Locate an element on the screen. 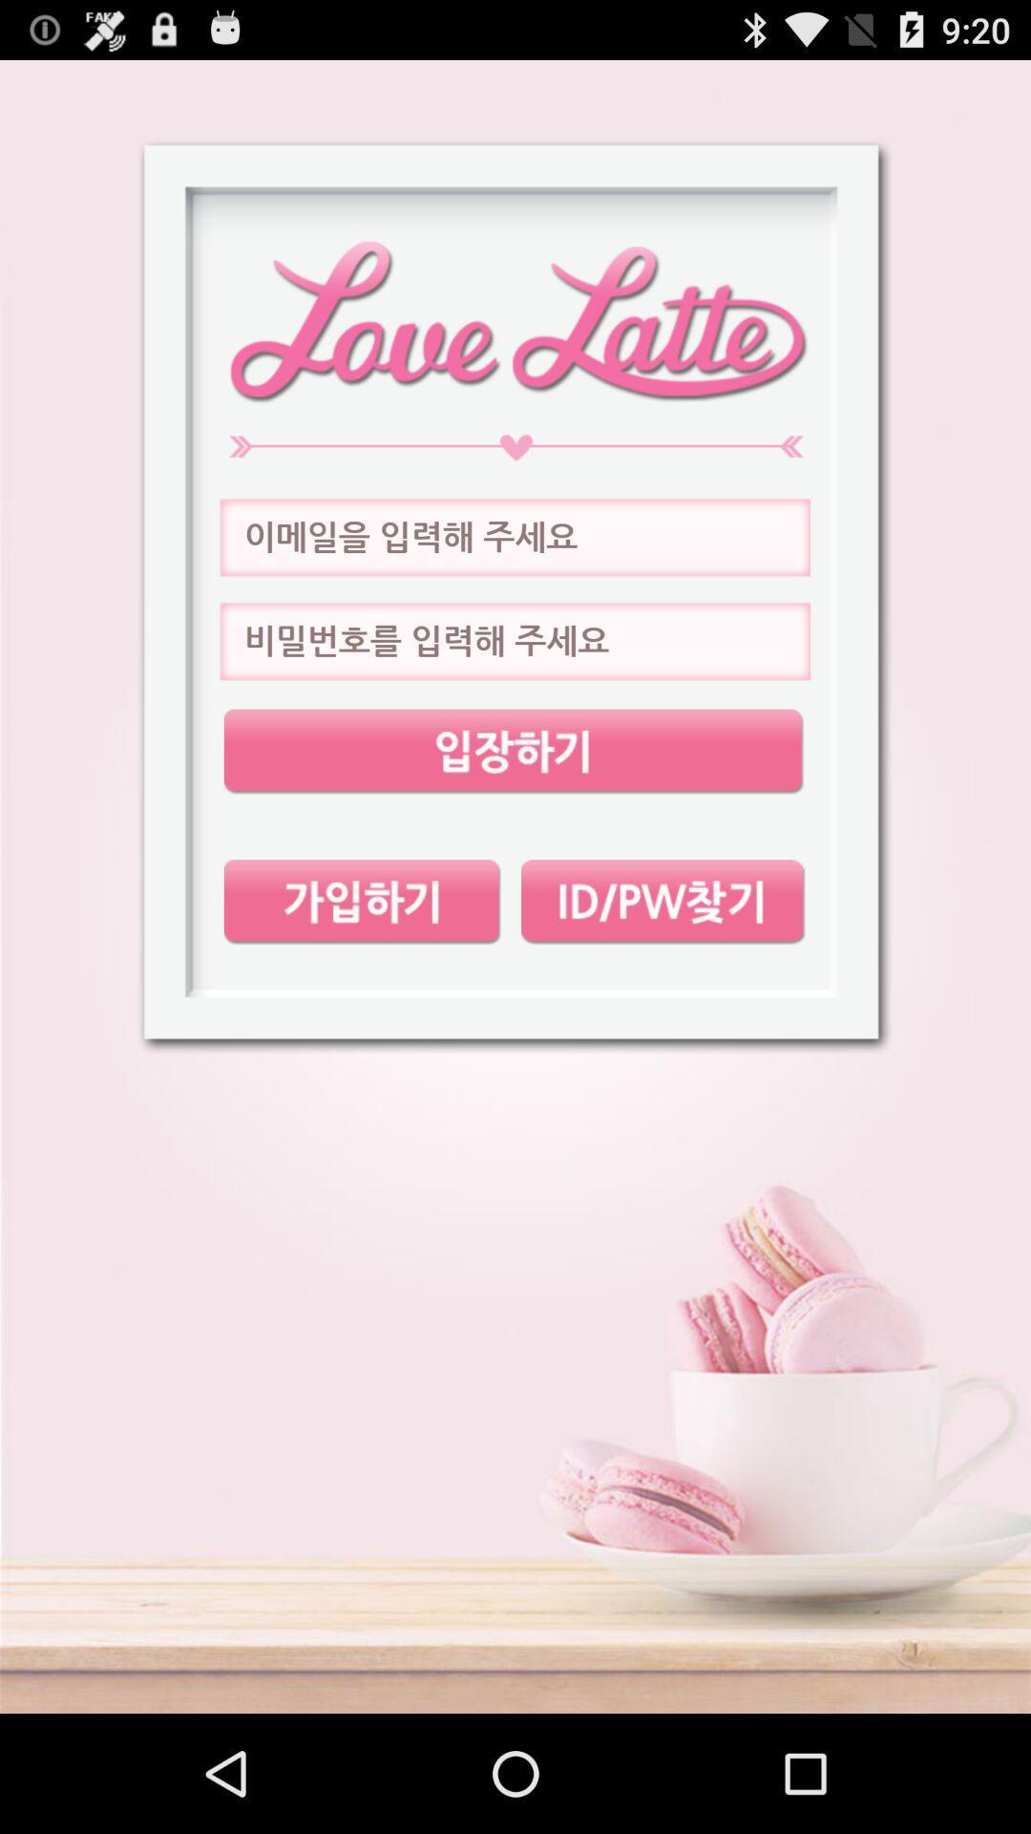 This screenshot has width=1031, height=1834. important to know is located at coordinates (513, 751).